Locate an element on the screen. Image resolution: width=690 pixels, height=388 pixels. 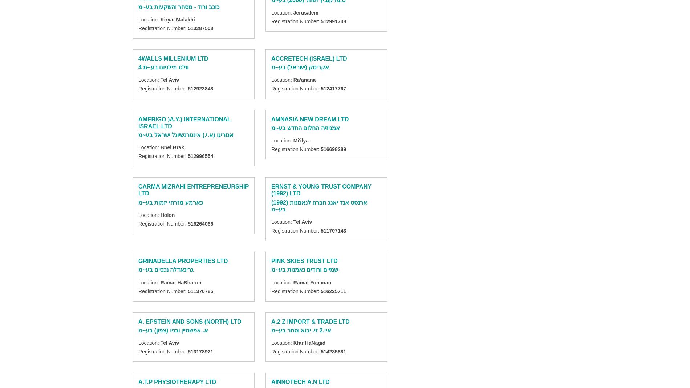
'A.T.P PHYSIOTHERAPY  LTD' is located at coordinates (138, 382).